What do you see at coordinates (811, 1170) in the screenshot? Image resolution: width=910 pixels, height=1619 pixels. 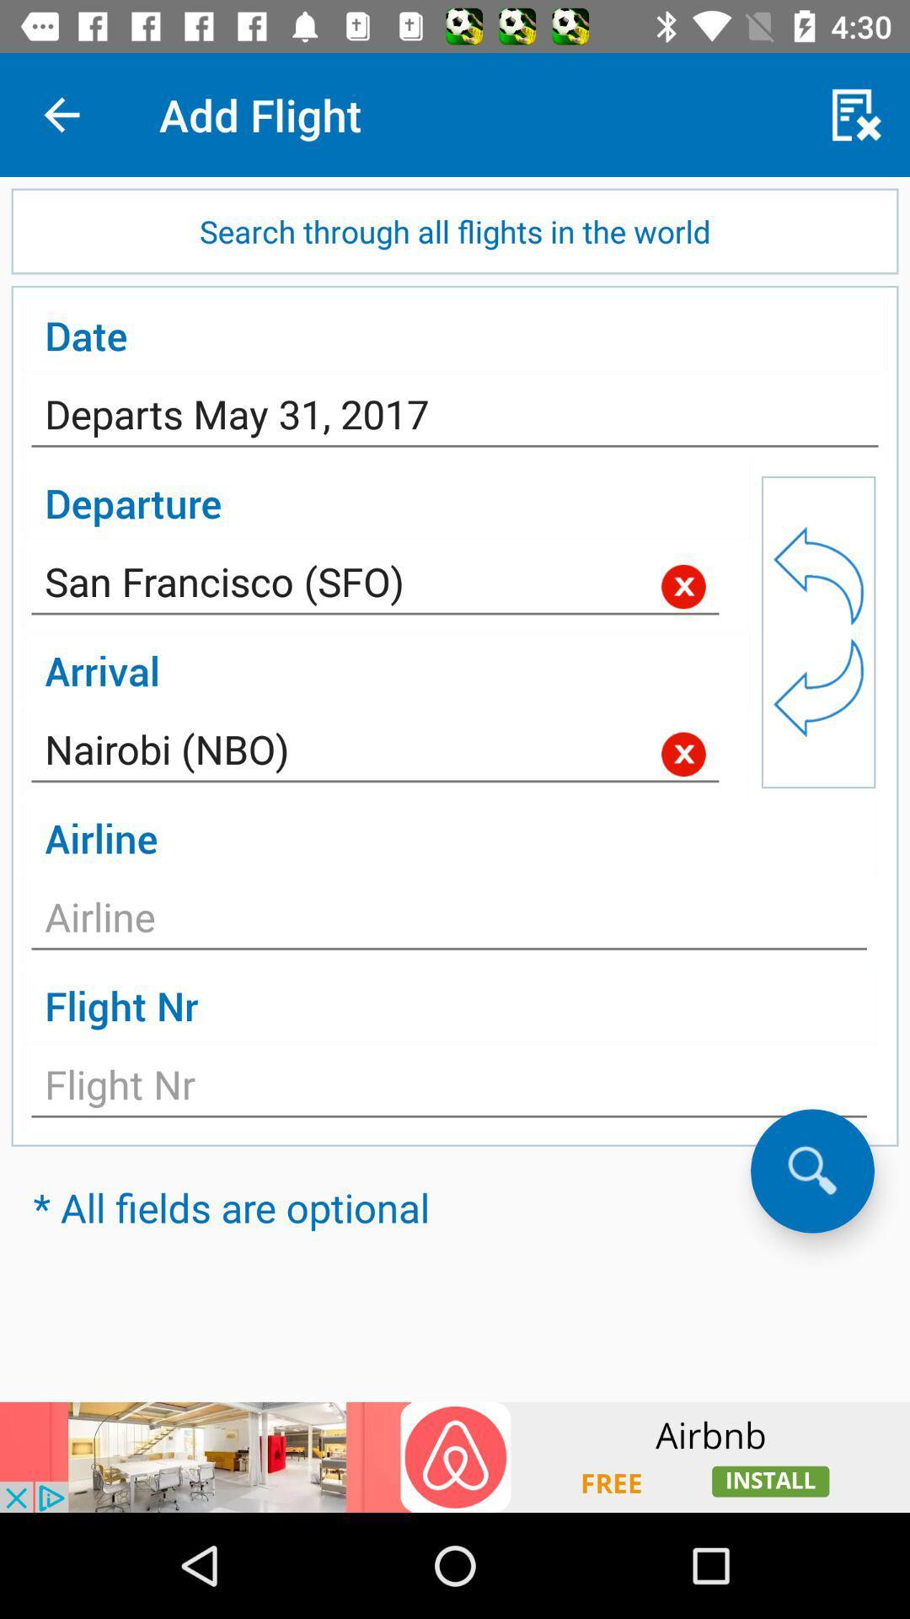 I see `search the article` at bounding box center [811, 1170].